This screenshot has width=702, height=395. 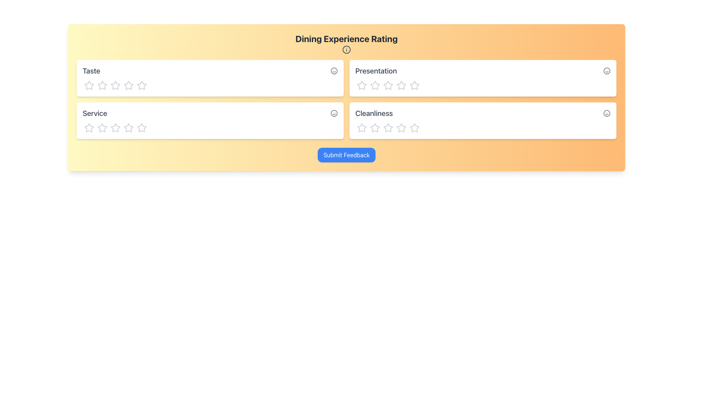 What do you see at coordinates (607, 113) in the screenshot?
I see `the circular smiley face icon located at the far right of the 'Cleanliness' row, adjacent to the rating stars` at bounding box center [607, 113].